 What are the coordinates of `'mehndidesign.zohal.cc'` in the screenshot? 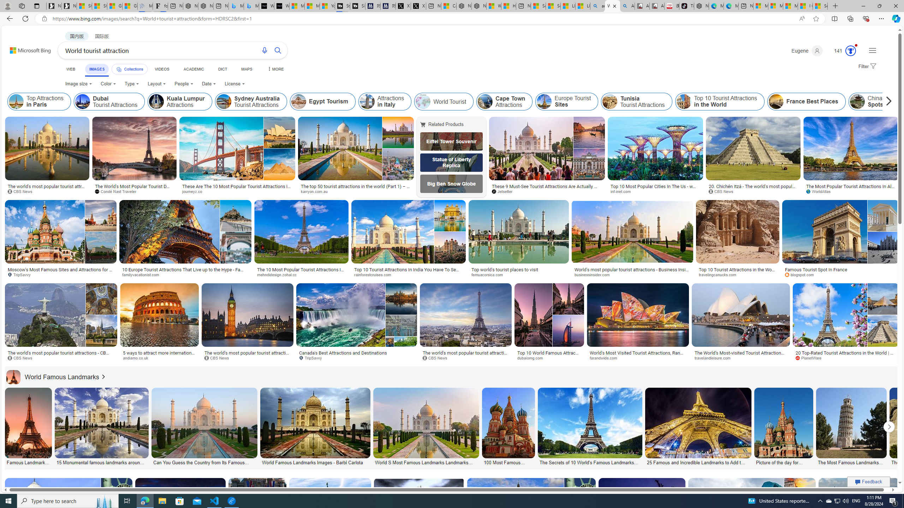 It's located at (301, 274).